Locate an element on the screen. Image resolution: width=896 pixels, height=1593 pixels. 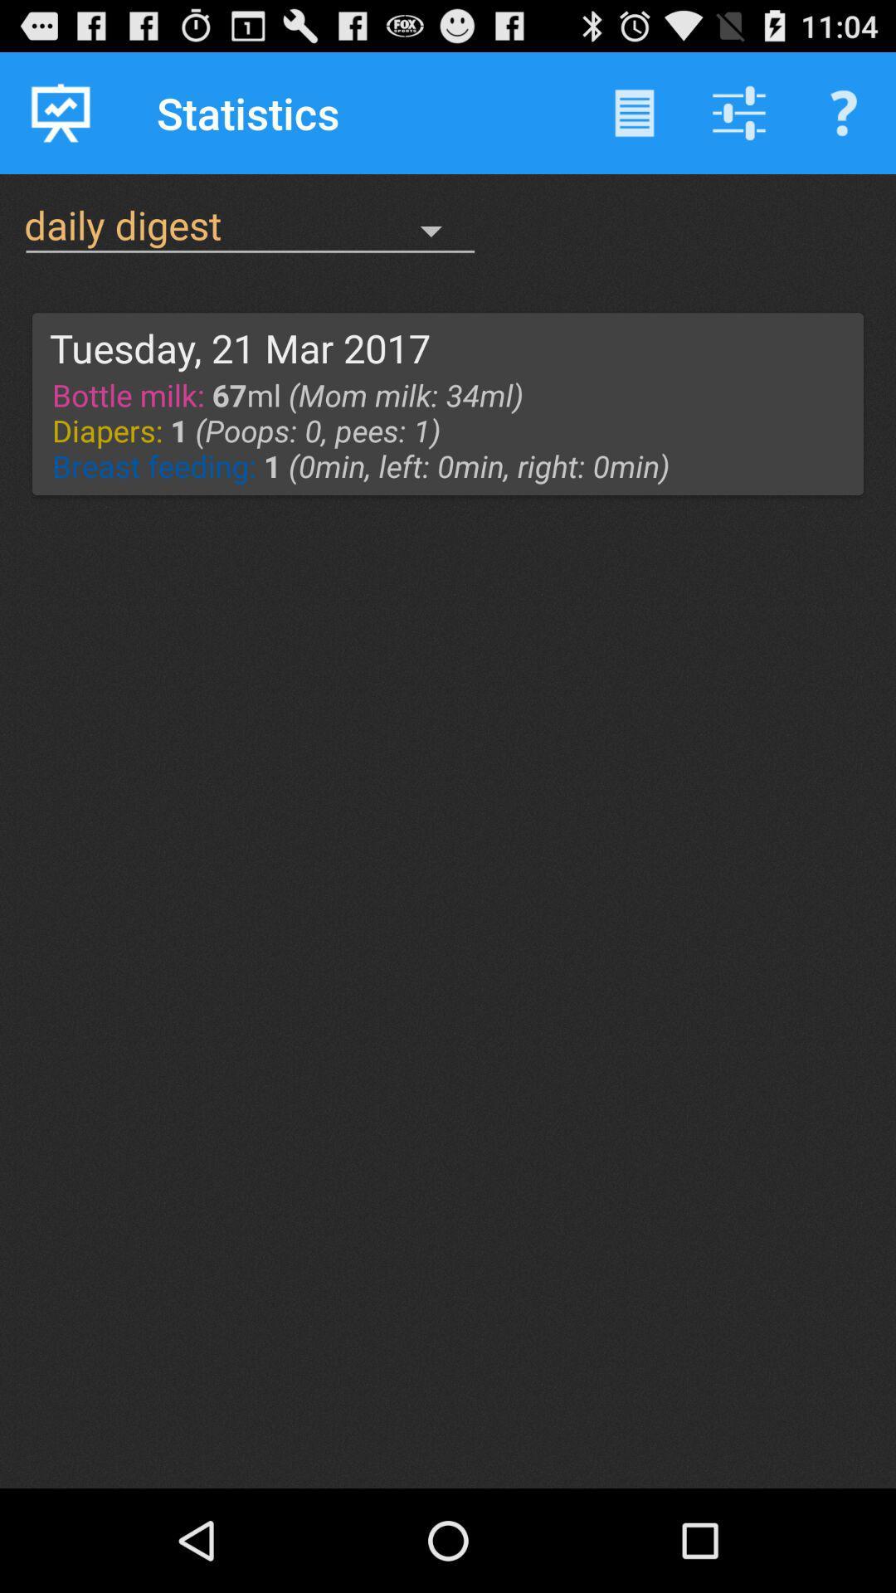
the item next to the statistics icon is located at coordinates (634, 112).